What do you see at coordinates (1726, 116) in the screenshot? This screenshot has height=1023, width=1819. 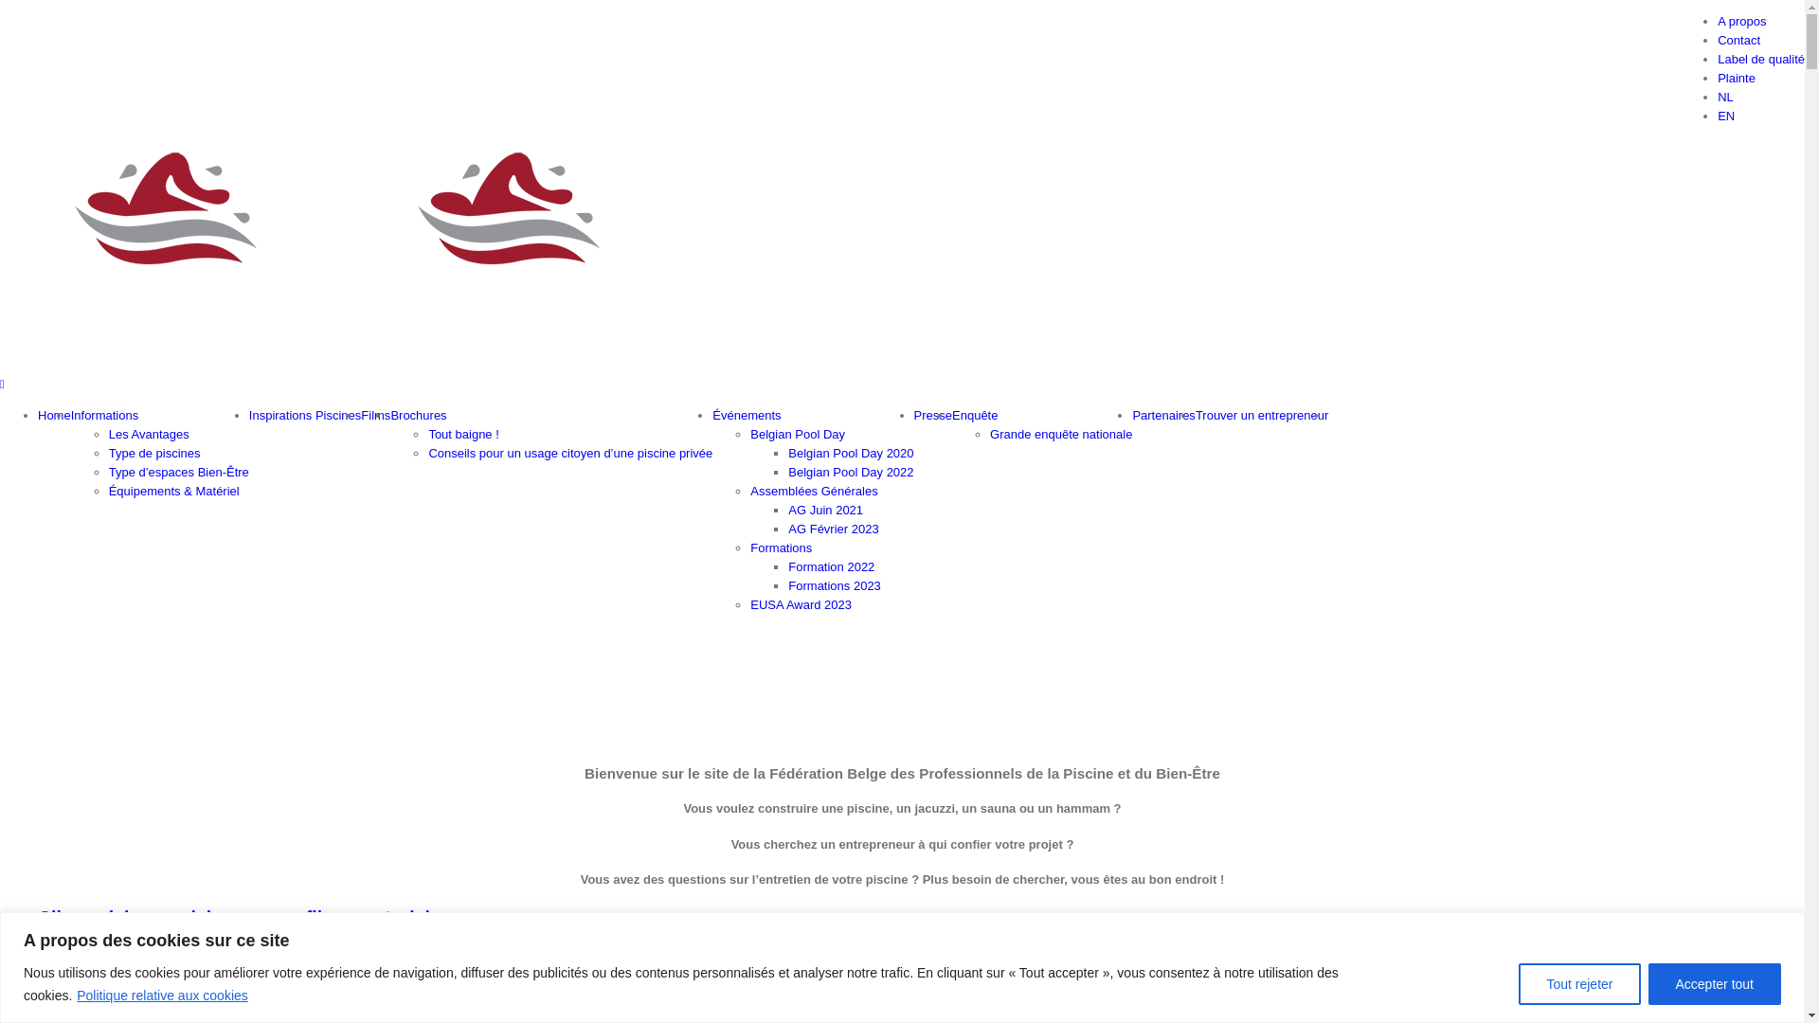 I see `'EN'` at bounding box center [1726, 116].